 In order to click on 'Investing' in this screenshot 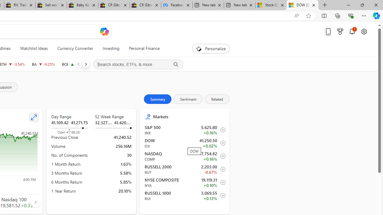, I will do `click(111, 48)`.